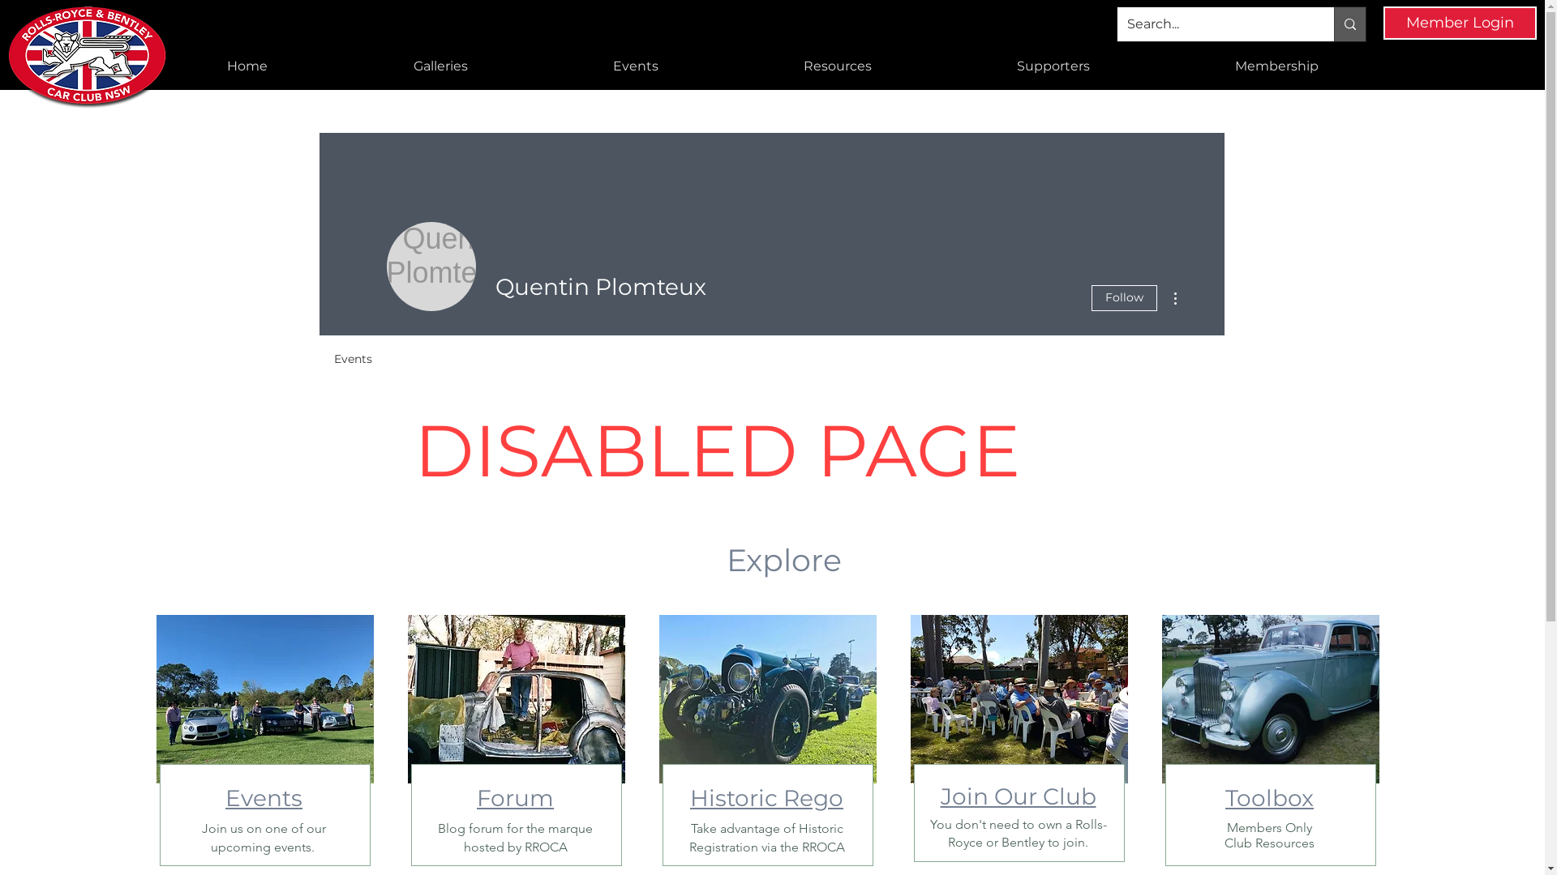 The width and height of the screenshot is (1557, 875). I want to click on 'Events', so click(264, 796).